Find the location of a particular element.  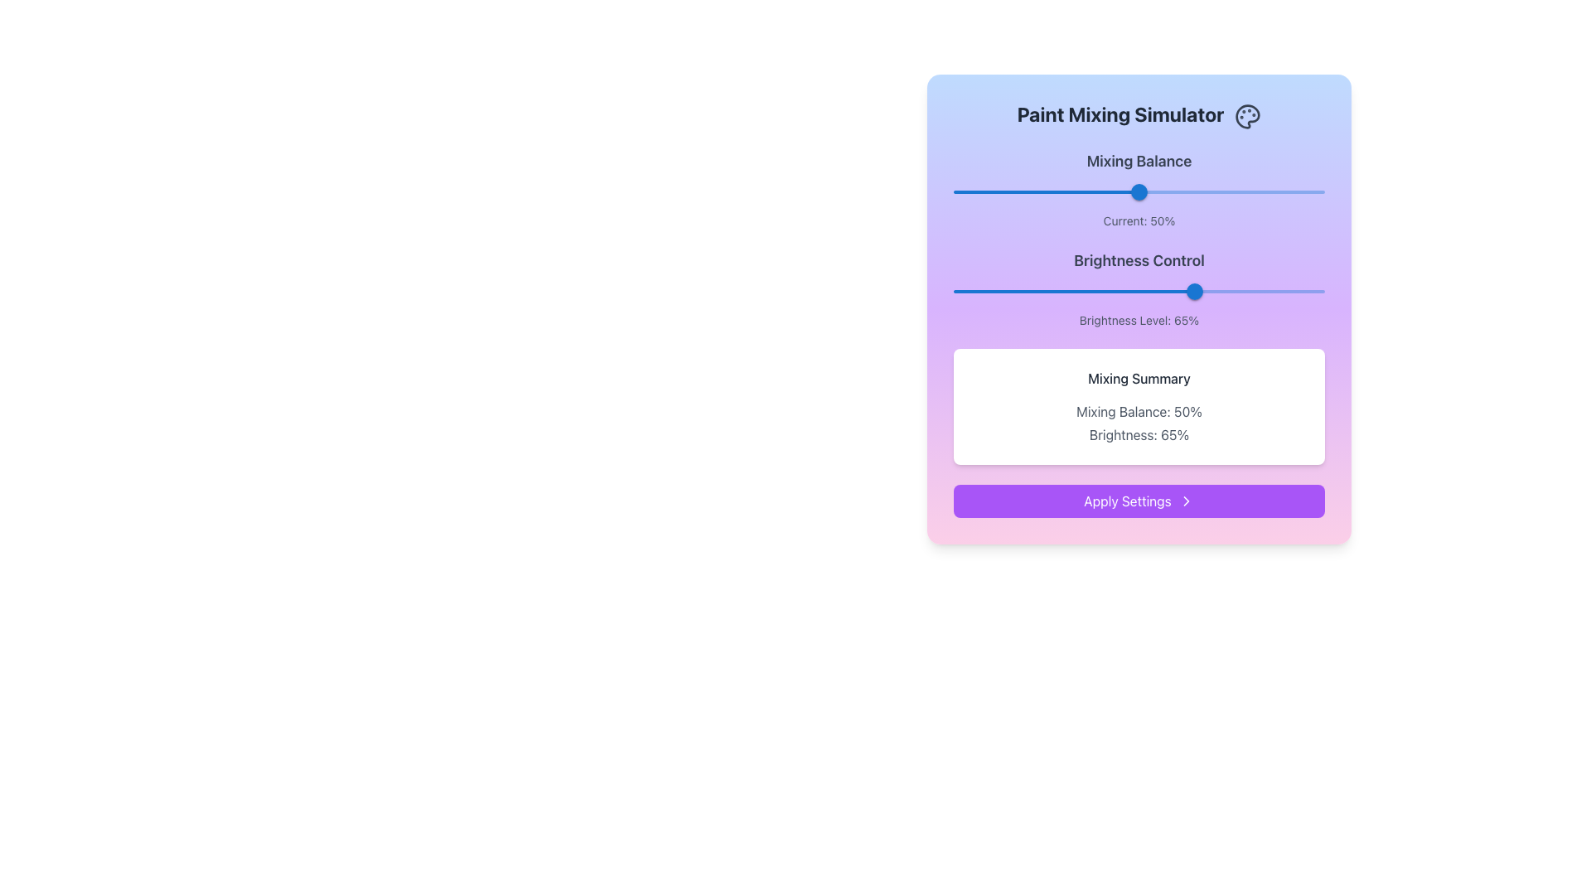

the Brightness Control slider is located at coordinates (1112, 290).